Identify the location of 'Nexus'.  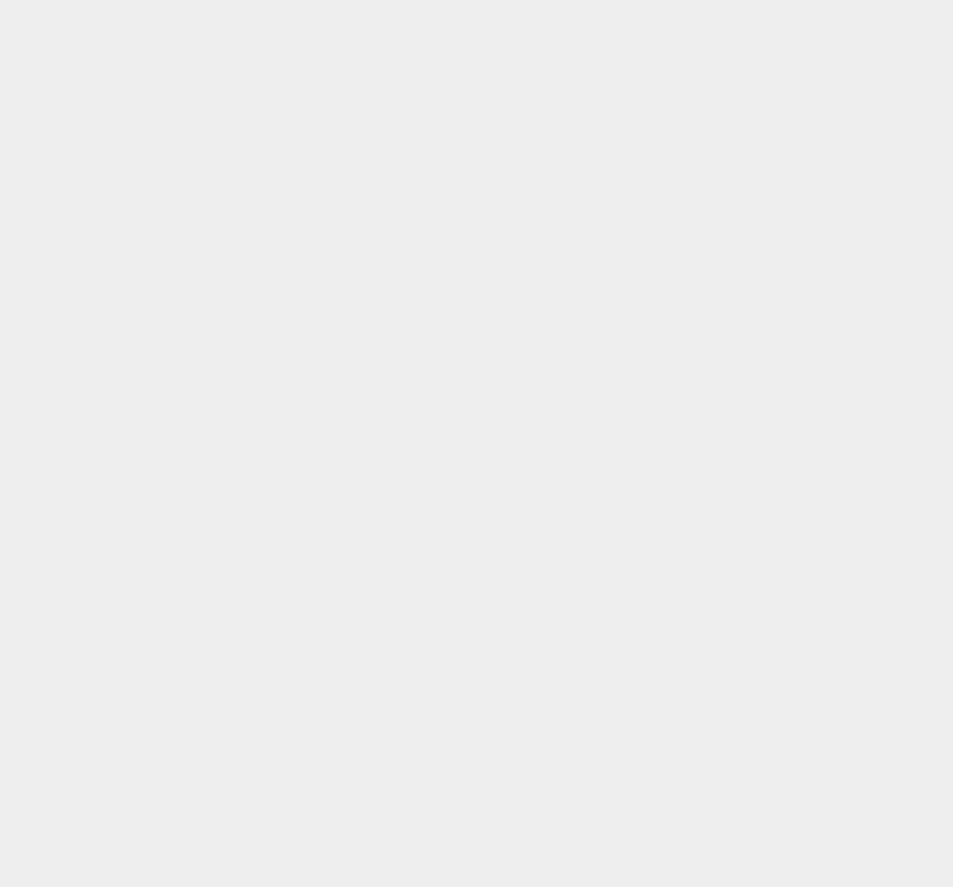
(689, 842).